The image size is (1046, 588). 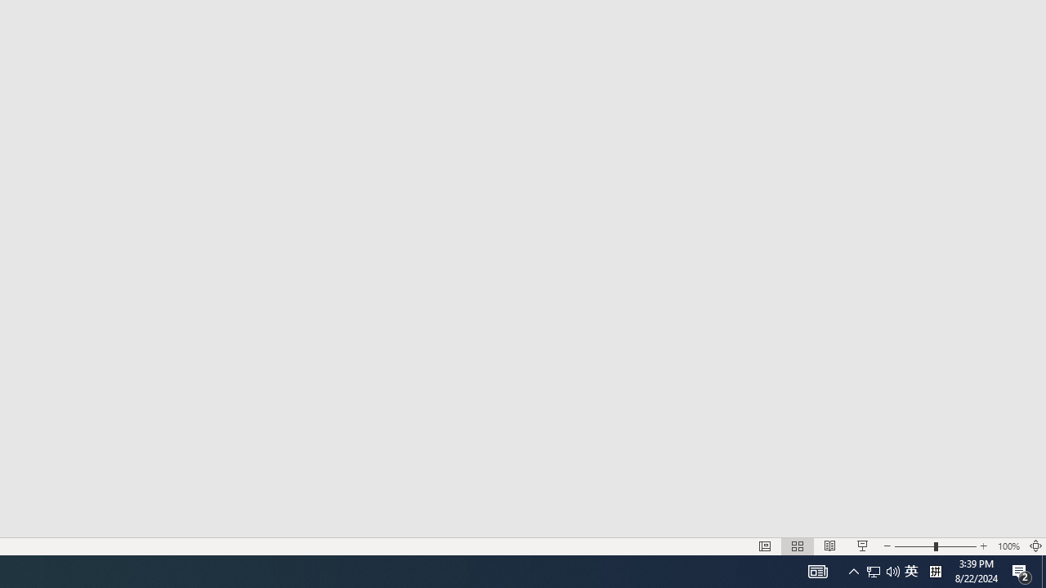 I want to click on 'Zoom', so click(x=892, y=570).